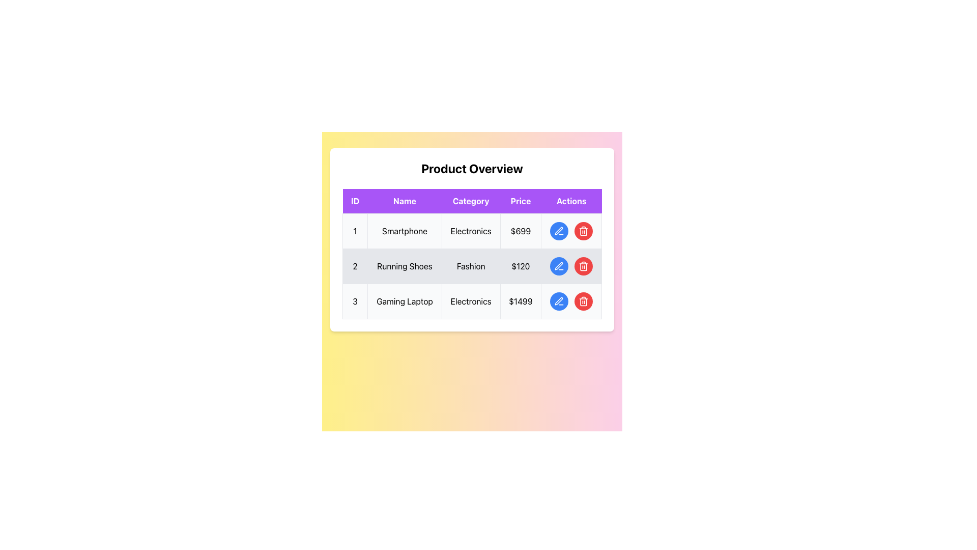  Describe the element at coordinates (571, 231) in the screenshot. I see `the blue edit button located within the 'Actions' column of the first row of the table to initiate editing` at that location.